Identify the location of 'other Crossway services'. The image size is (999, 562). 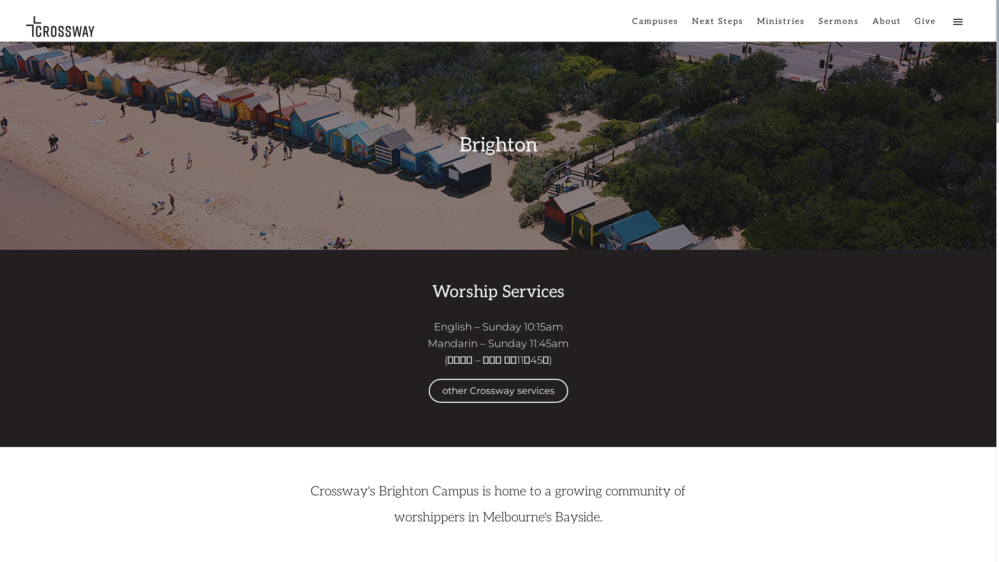
(429, 391).